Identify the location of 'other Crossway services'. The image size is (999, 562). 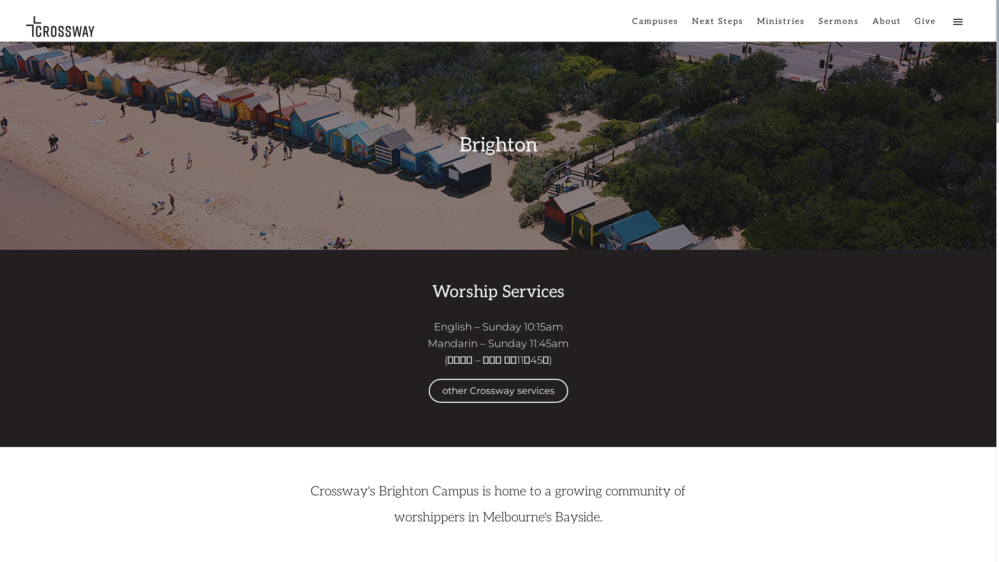
(429, 391).